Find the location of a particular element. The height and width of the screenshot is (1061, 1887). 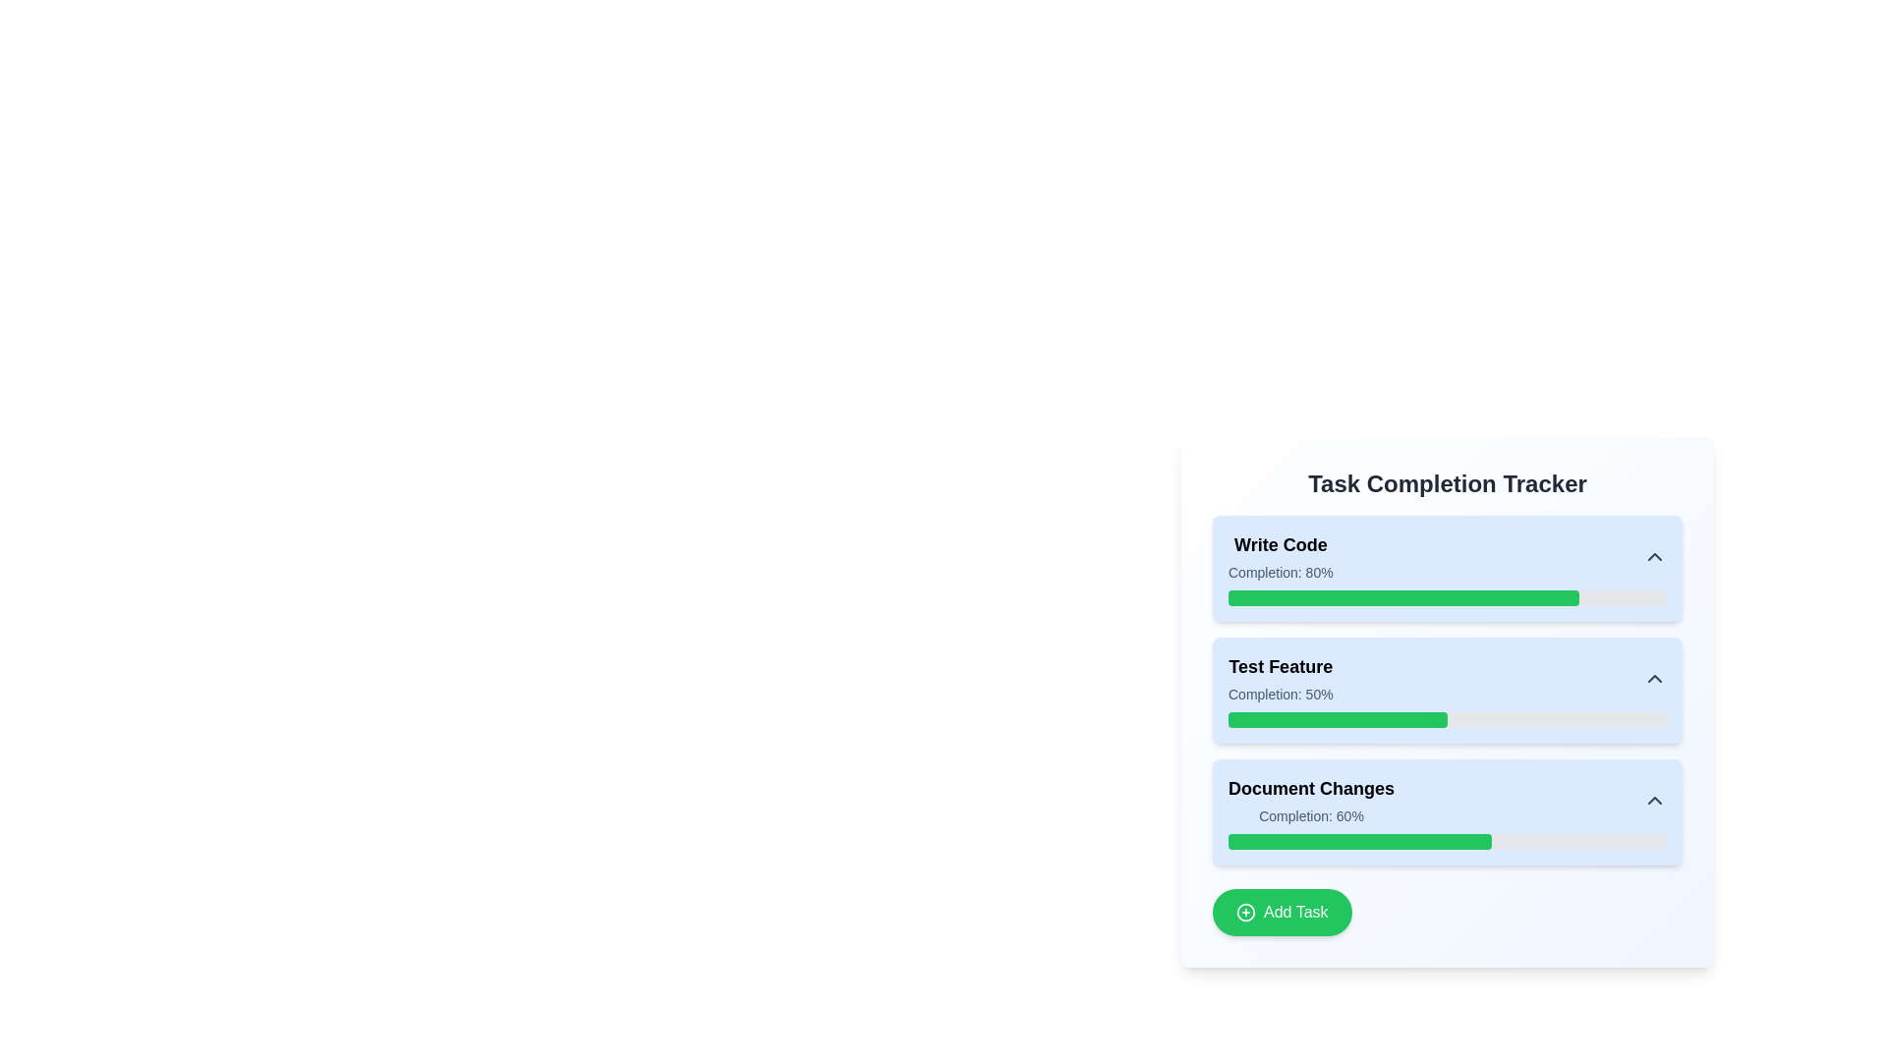

the outermost SVG circle of the 'Add Task' button to trigger a visual effect is located at coordinates (1244, 913).